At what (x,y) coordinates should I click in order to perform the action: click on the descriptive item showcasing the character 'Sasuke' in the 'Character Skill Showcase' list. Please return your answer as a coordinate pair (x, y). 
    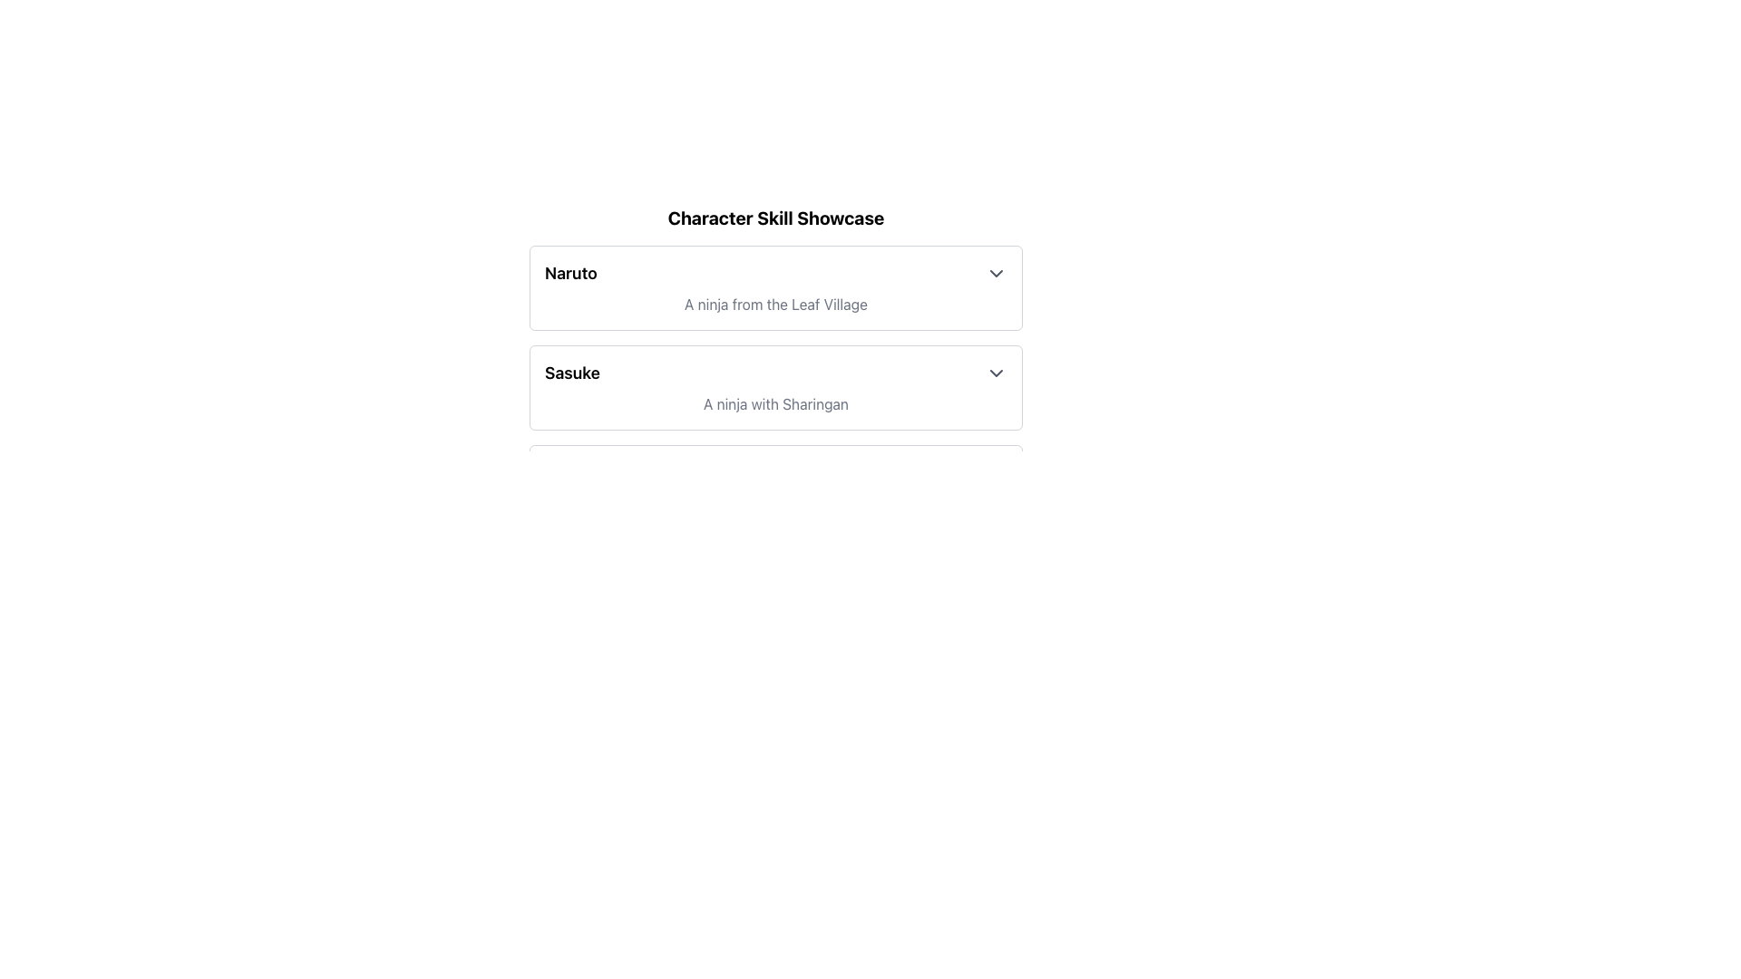
    Looking at the image, I should click on (775, 387).